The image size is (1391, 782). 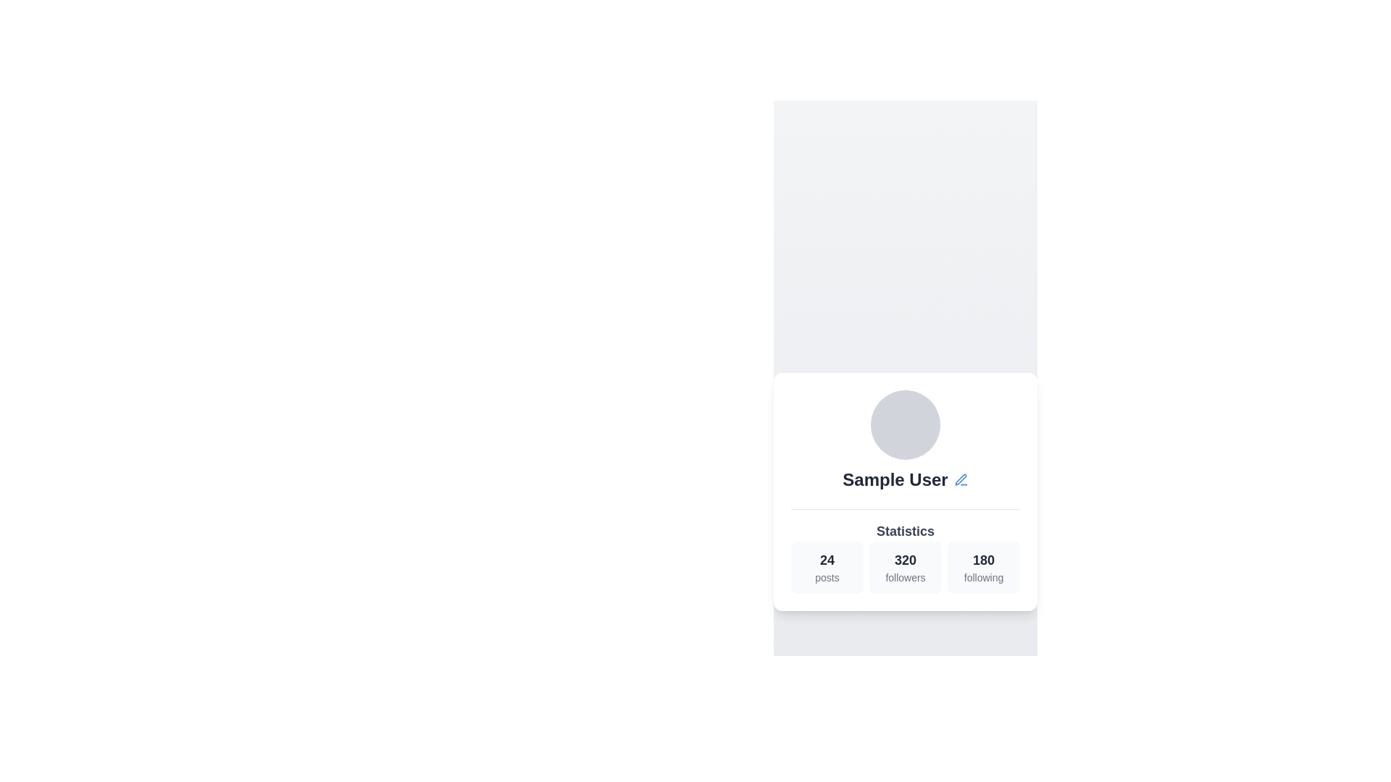 What do you see at coordinates (984, 576) in the screenshot?
I see `static text label that displays the word 'following', which is styled in a small gray font and positioned below the number '180' in the statistics section` at bounding box center [984, 576].